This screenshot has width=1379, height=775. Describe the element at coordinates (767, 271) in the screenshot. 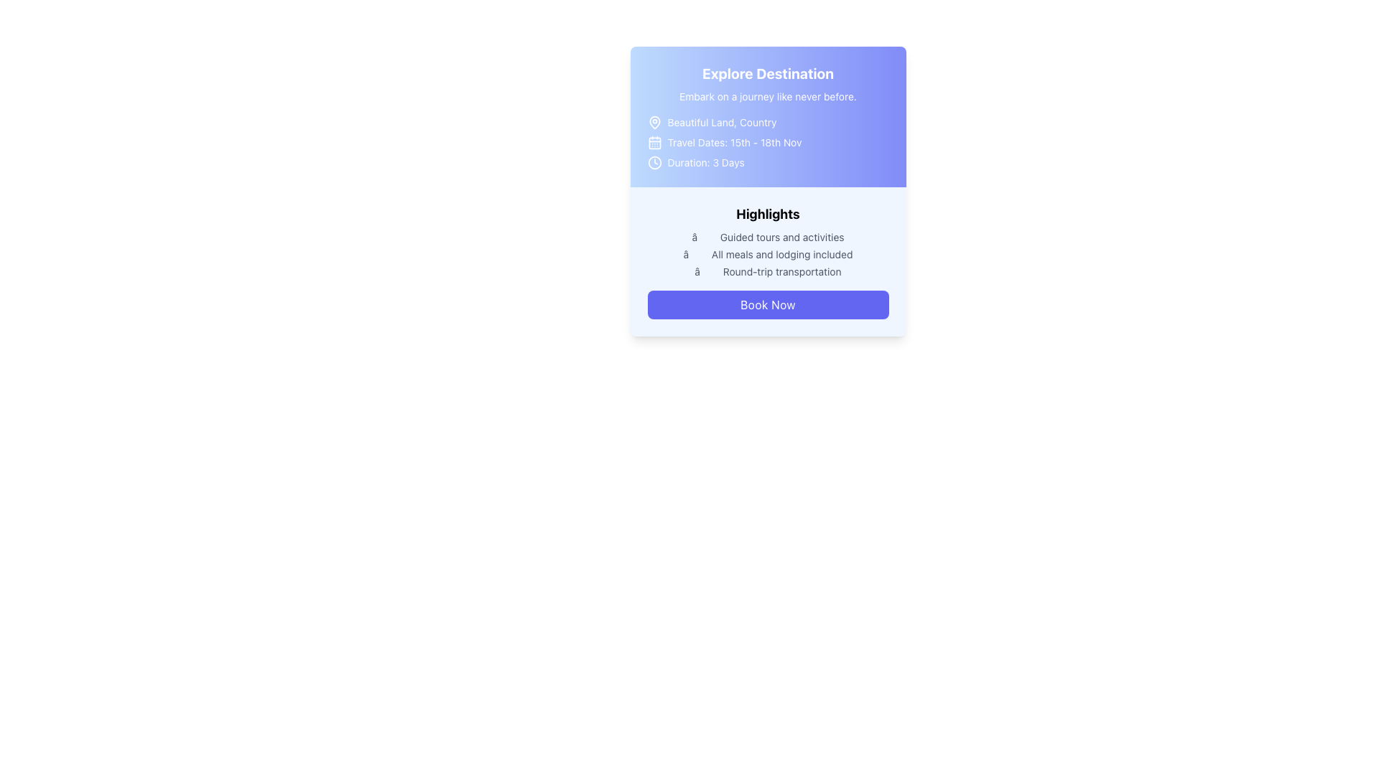

I see `the Text Label element that reads '✓ Round-trip transportation', which is the third item in the vertical list of features under the 'Highlights' header` at that location.